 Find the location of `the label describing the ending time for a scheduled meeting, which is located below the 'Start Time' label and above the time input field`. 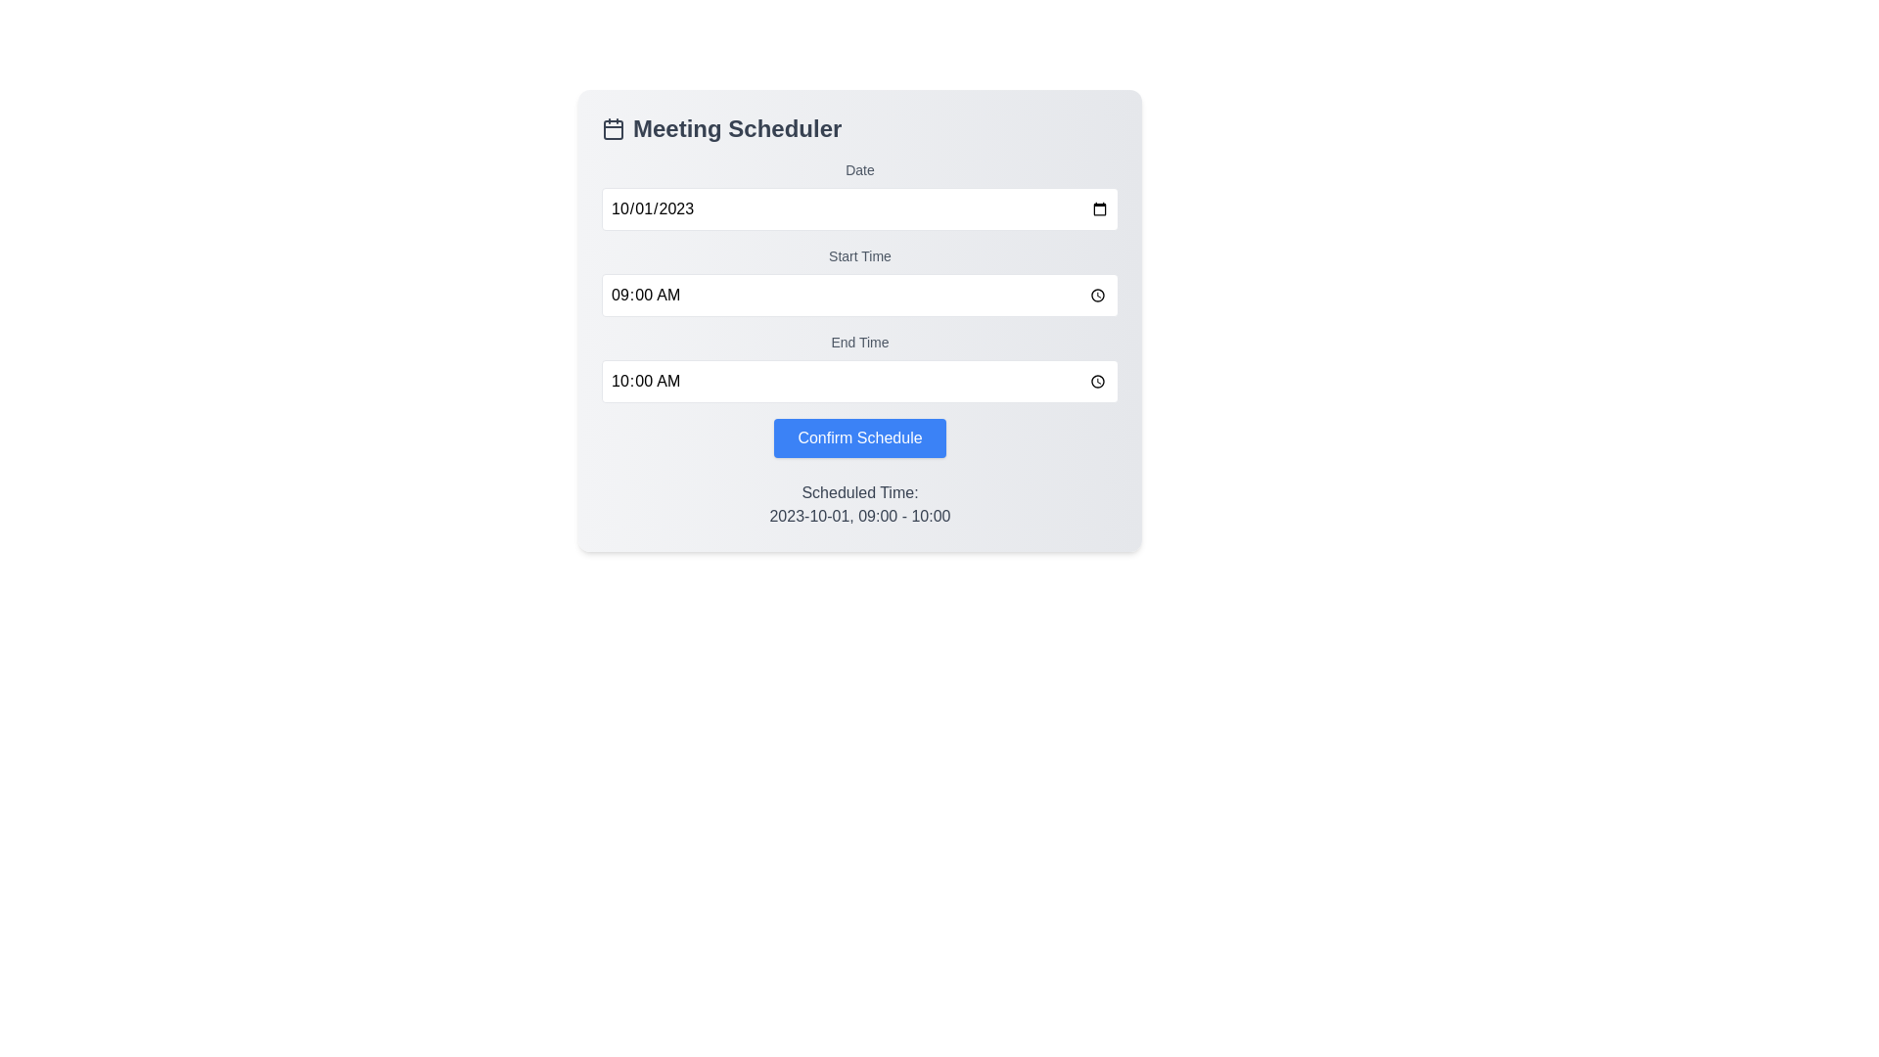

the label describing the ending time for a scheduled meeting, which is located below the 'Start Time' label and above the time input field is located at coordinates (859, 342).